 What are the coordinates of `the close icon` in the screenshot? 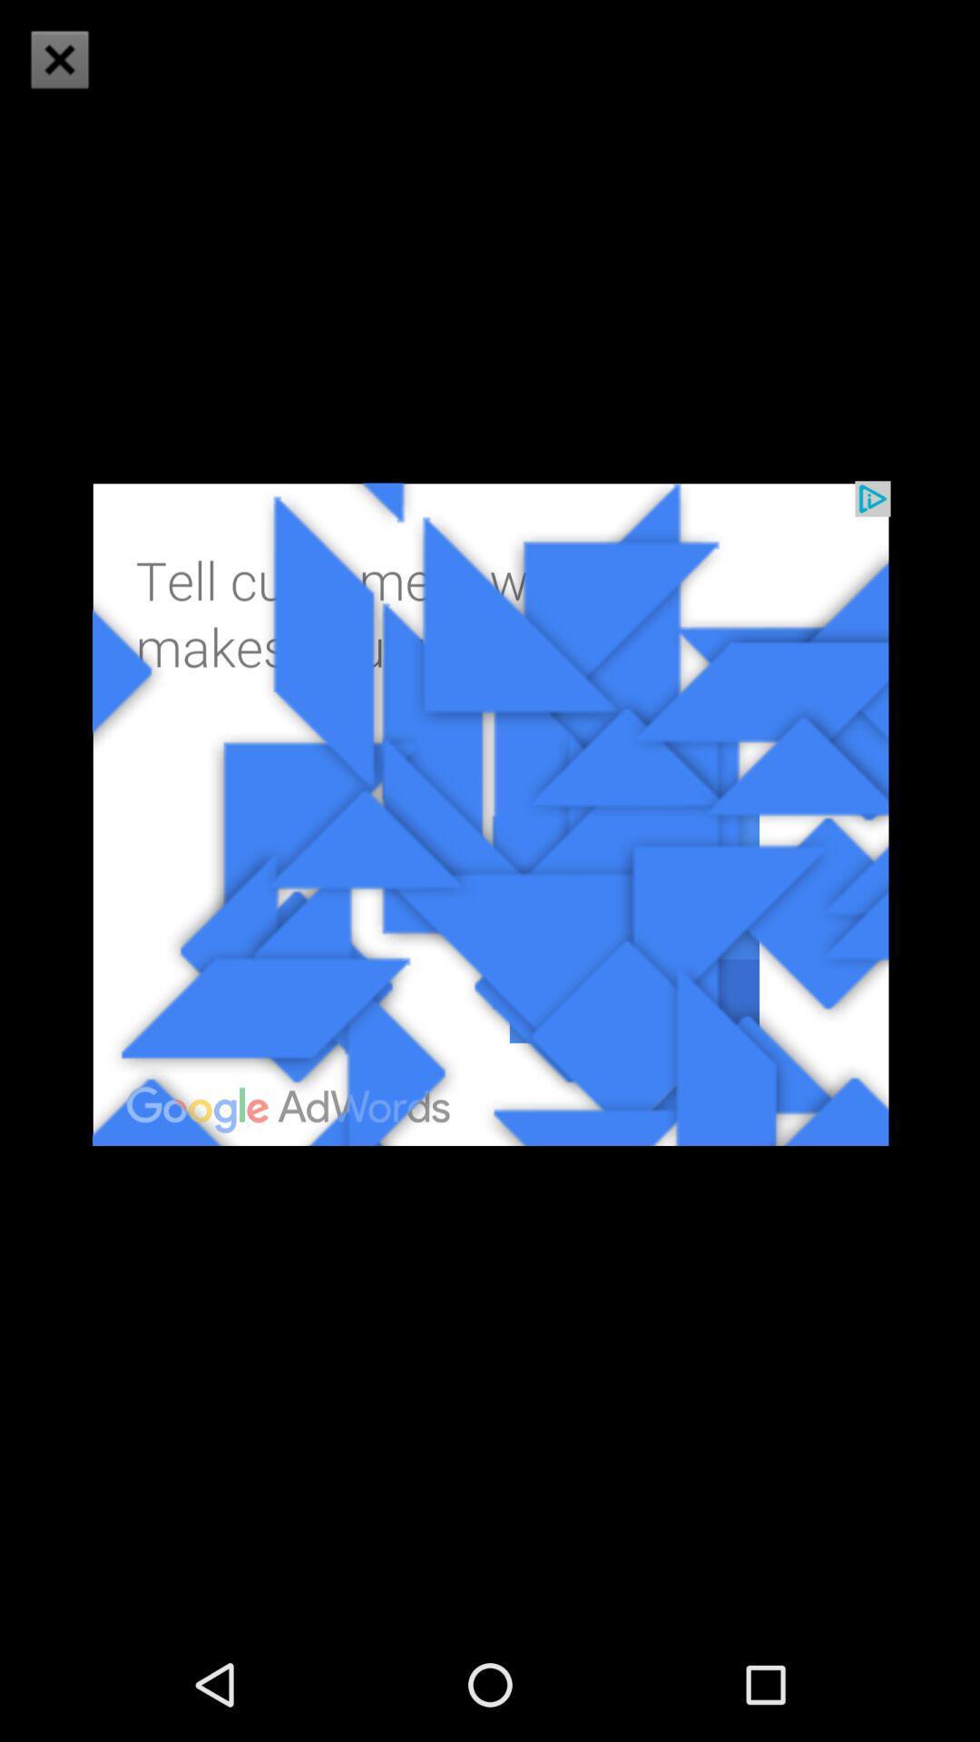 It's located at (58, 64).